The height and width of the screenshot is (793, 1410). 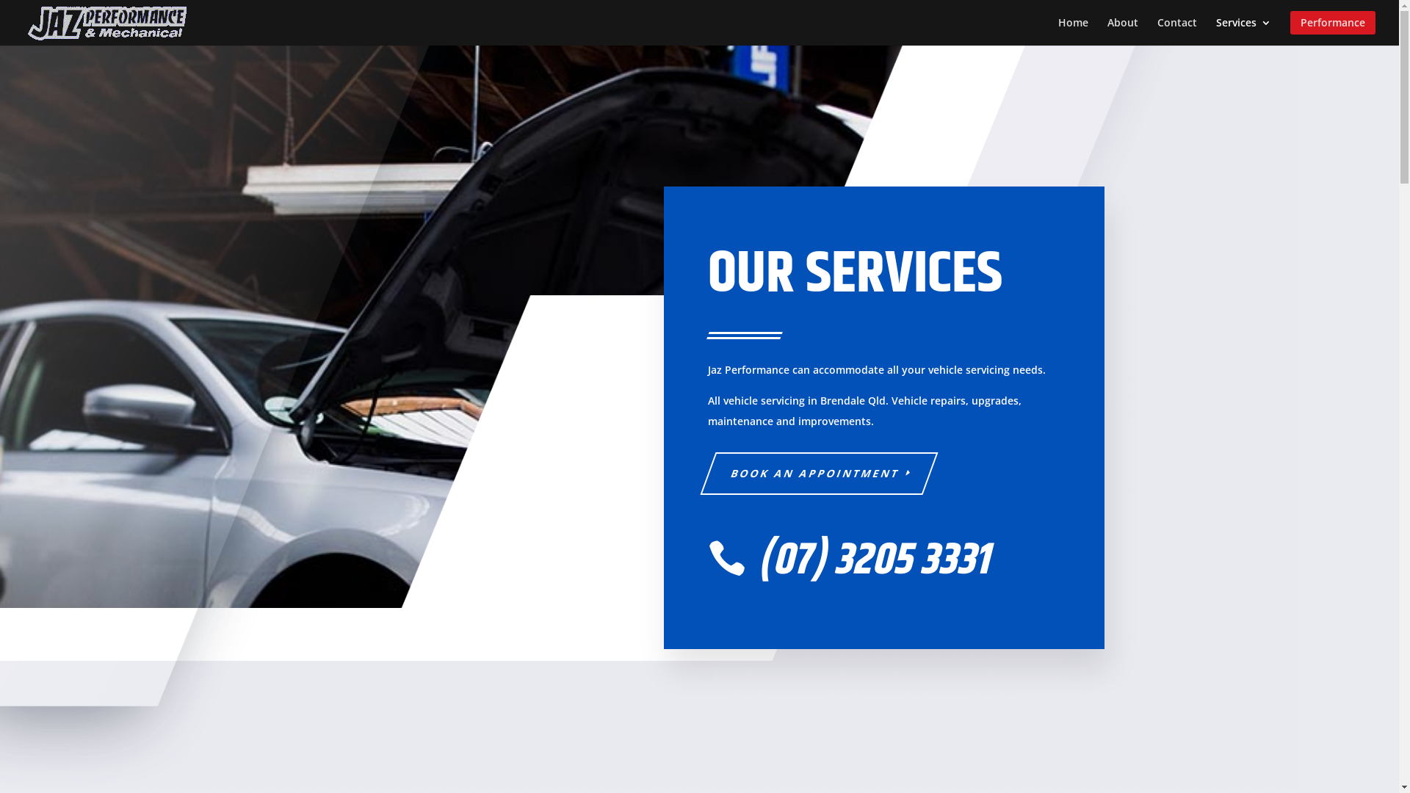 What do you see at coordinates (1177, 28) in the screenshot?
I see `'Contact'` at bounding box center [1177, 28].